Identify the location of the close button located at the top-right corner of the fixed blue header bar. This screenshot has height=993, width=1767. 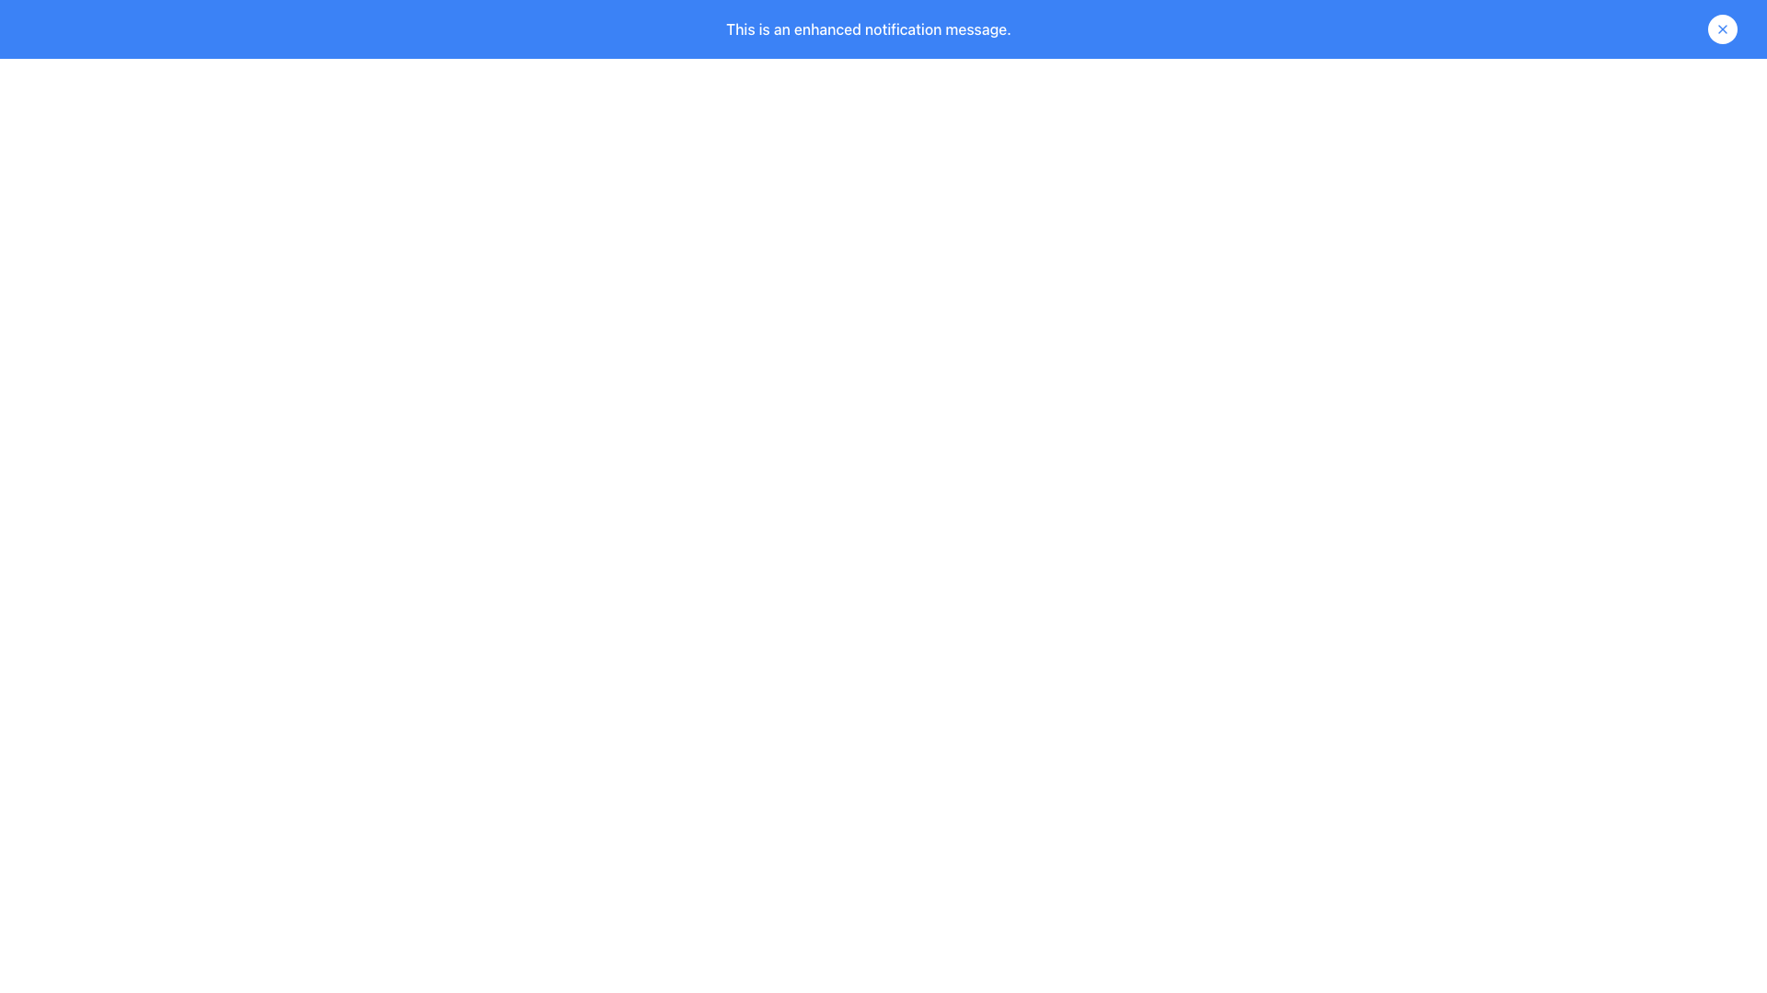
(1722, 29).